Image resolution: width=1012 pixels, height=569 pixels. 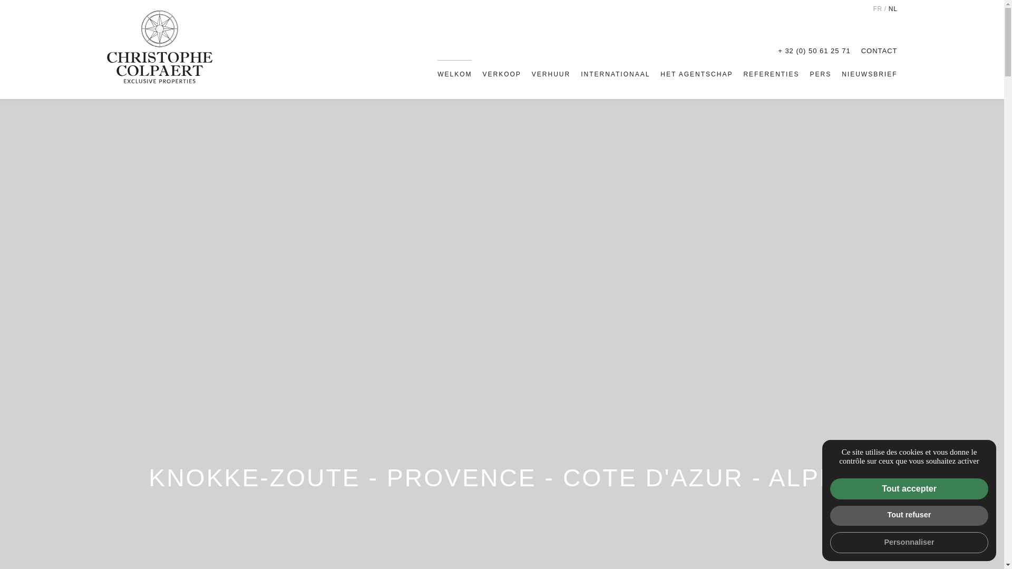 What do you see at coordinates (454, 74) in the screenshot?
I see `'WELKOM'` at bounding box center [454, 74].